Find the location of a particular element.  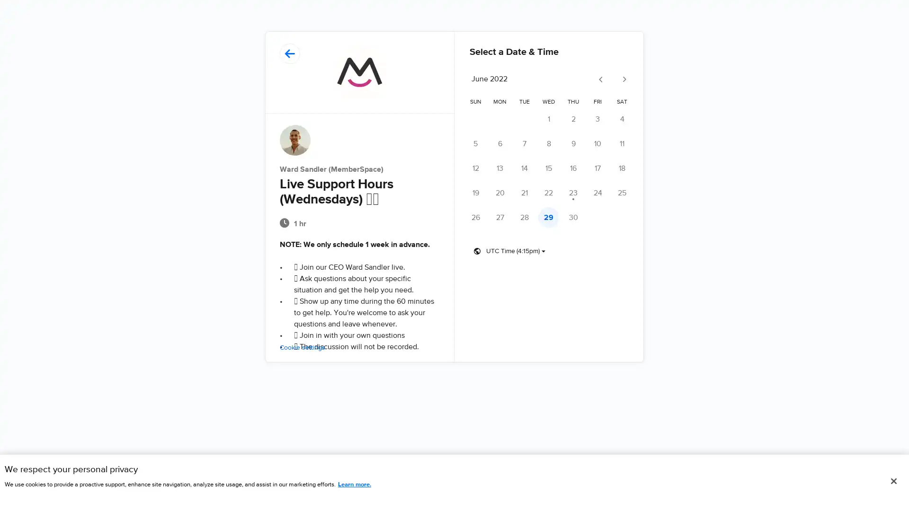

Friday, June 17 - No times available is located at coordinates (597, 167).